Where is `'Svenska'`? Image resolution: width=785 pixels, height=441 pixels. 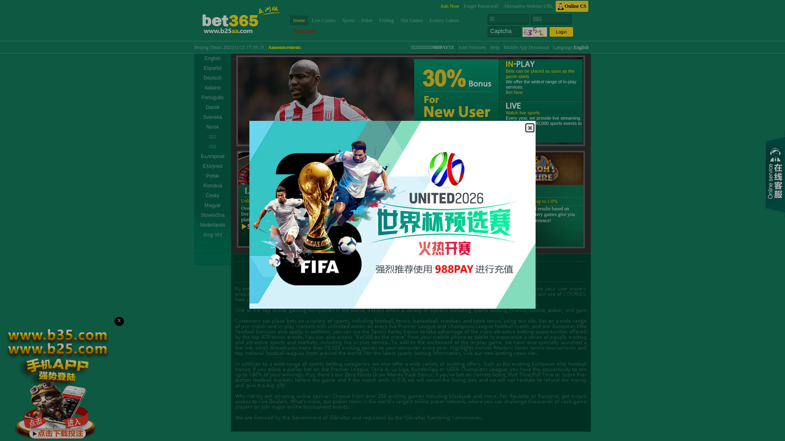
'Svenska' is located at coordinates (194, 117).